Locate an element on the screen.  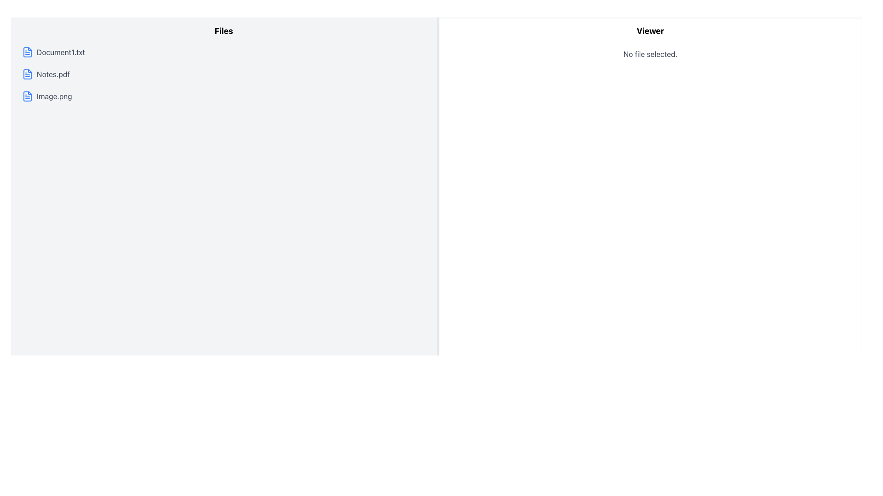
the text label displaying 'No file selected.' which is centrally aligned in the viewer area of the interface is located at coordinates (650, 54).